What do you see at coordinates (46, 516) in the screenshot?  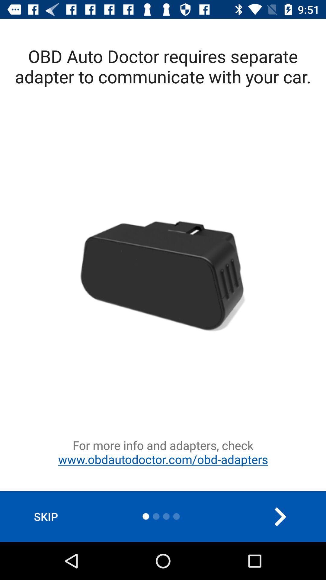 I see `item below for more info` at bounding box center [46, 516].